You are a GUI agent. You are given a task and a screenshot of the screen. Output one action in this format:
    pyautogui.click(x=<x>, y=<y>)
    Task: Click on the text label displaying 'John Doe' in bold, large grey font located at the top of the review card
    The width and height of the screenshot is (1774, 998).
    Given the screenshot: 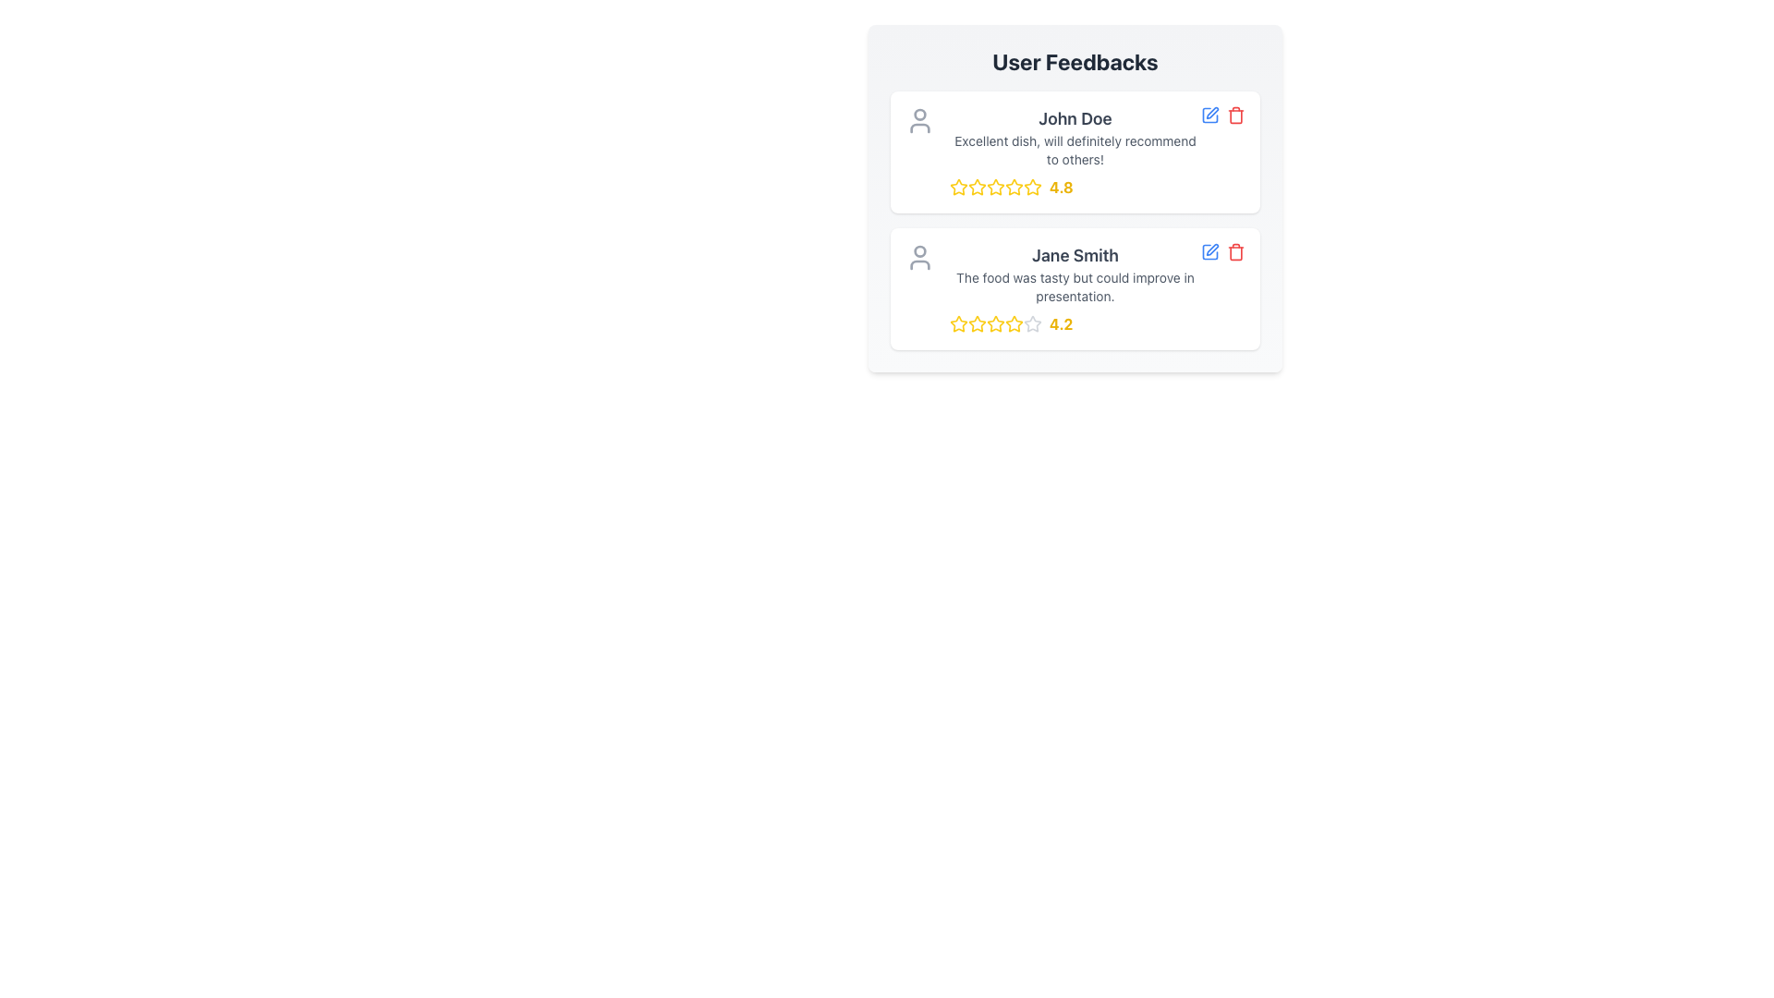 What is the action you would take?
    pyautogui.click(x=1075, y=118)
    